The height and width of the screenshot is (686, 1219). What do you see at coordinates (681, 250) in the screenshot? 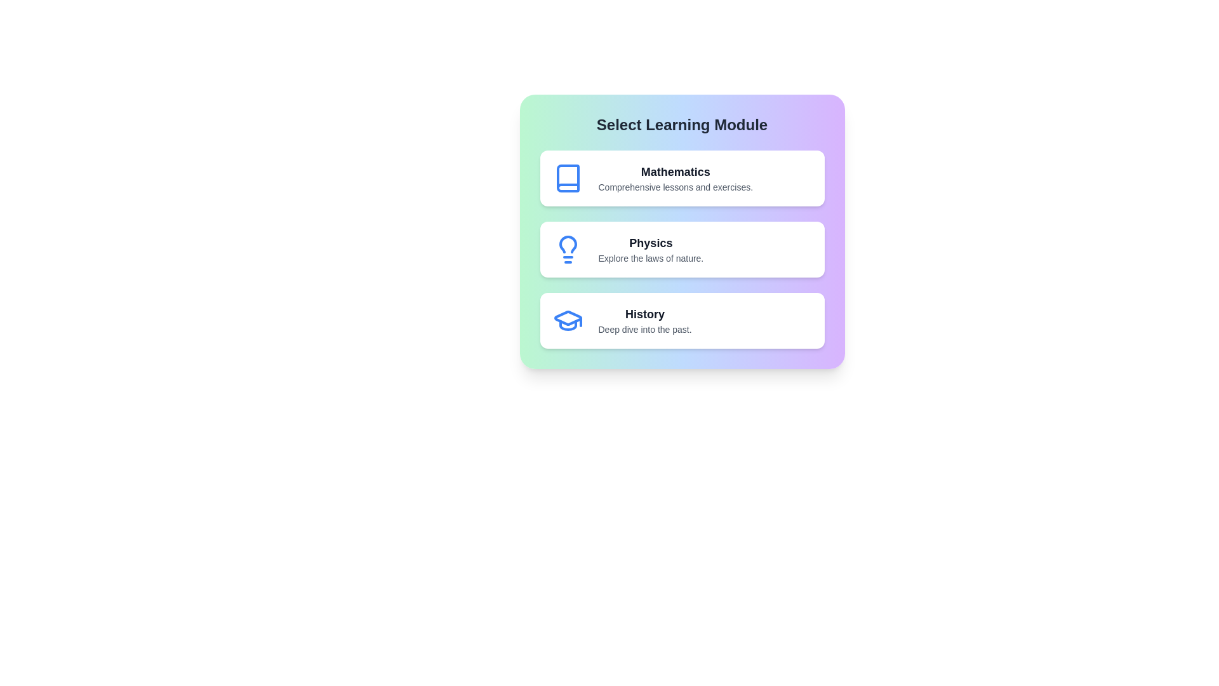
I see `the Physics module to select it` at bounding box center [681, 250].